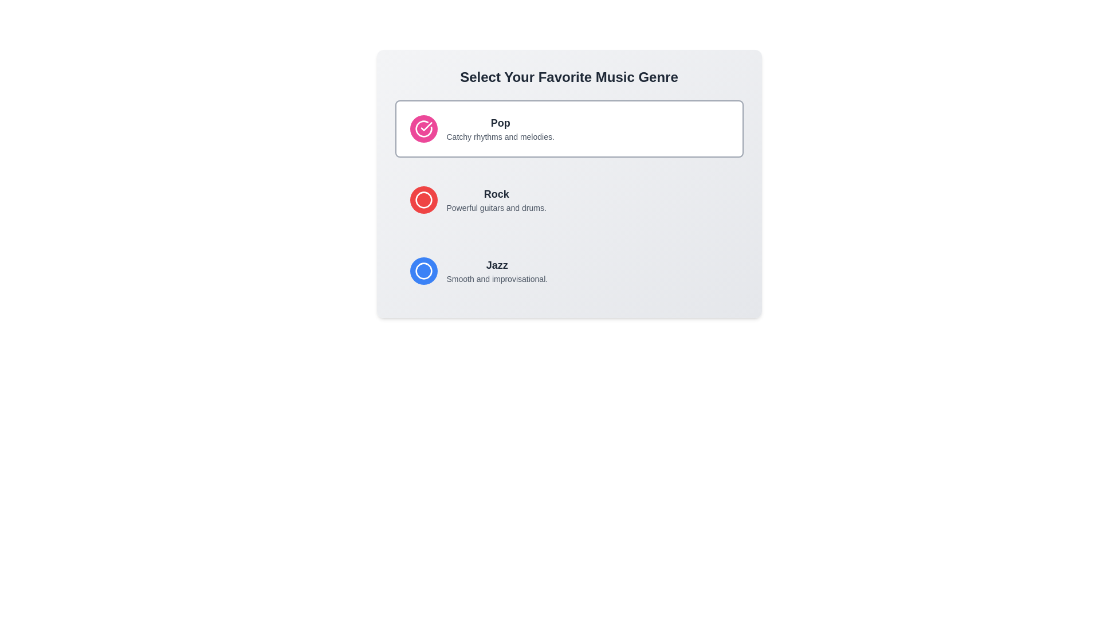 The image size is (1100, 619). Describe the element at coordinates (423, 271) in the screenshot. I see `the selection indicator button for the 'Jazz' music genre, located at the top-left corner of the 'Jazz' label` at that location.